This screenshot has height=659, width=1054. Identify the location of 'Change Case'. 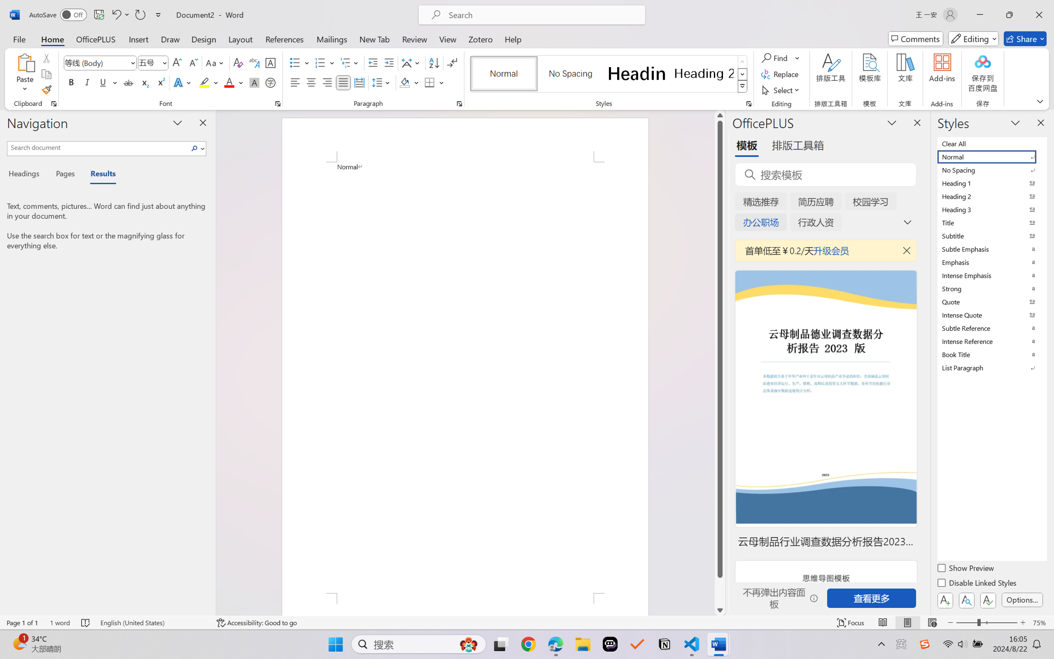
(215, 63).